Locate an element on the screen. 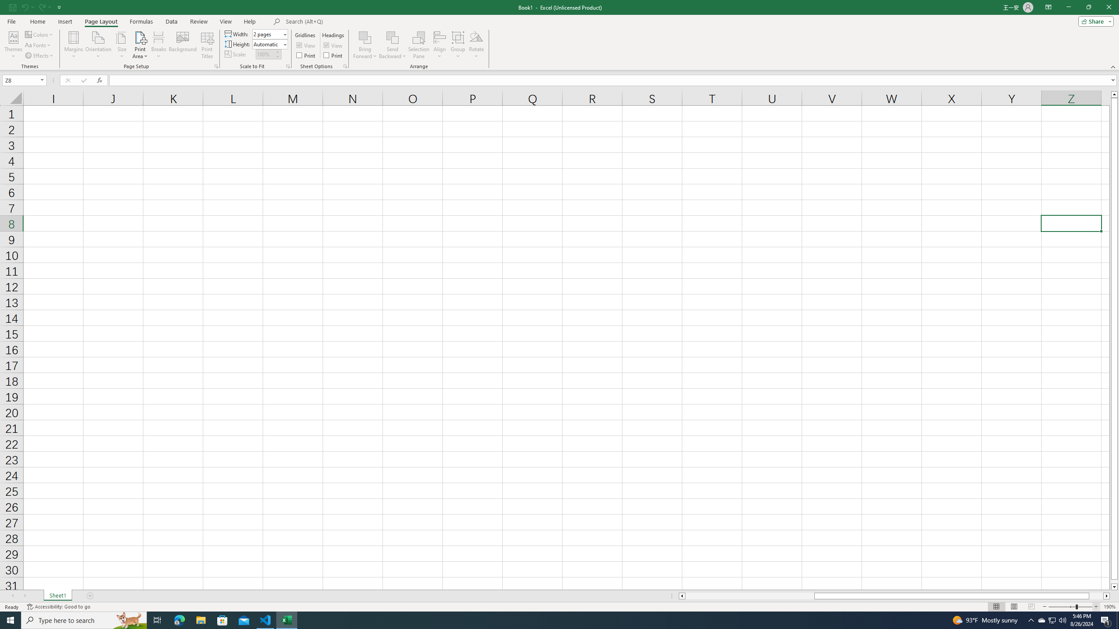 The image size is (1119, 629). 'Save' is located at coordinates (12, 7).